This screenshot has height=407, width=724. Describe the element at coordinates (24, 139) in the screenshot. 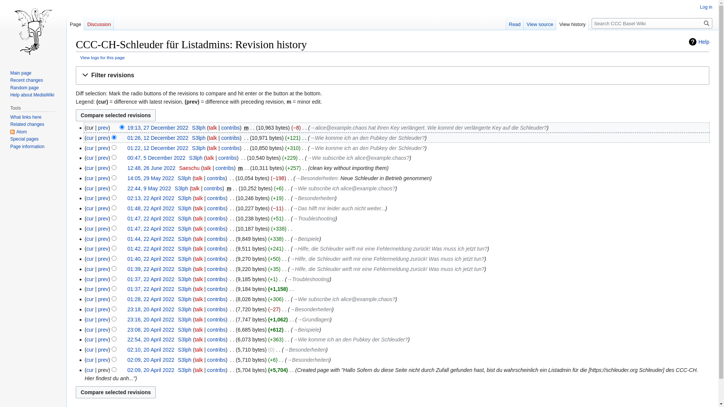

I see `'Special pages'` at that location.